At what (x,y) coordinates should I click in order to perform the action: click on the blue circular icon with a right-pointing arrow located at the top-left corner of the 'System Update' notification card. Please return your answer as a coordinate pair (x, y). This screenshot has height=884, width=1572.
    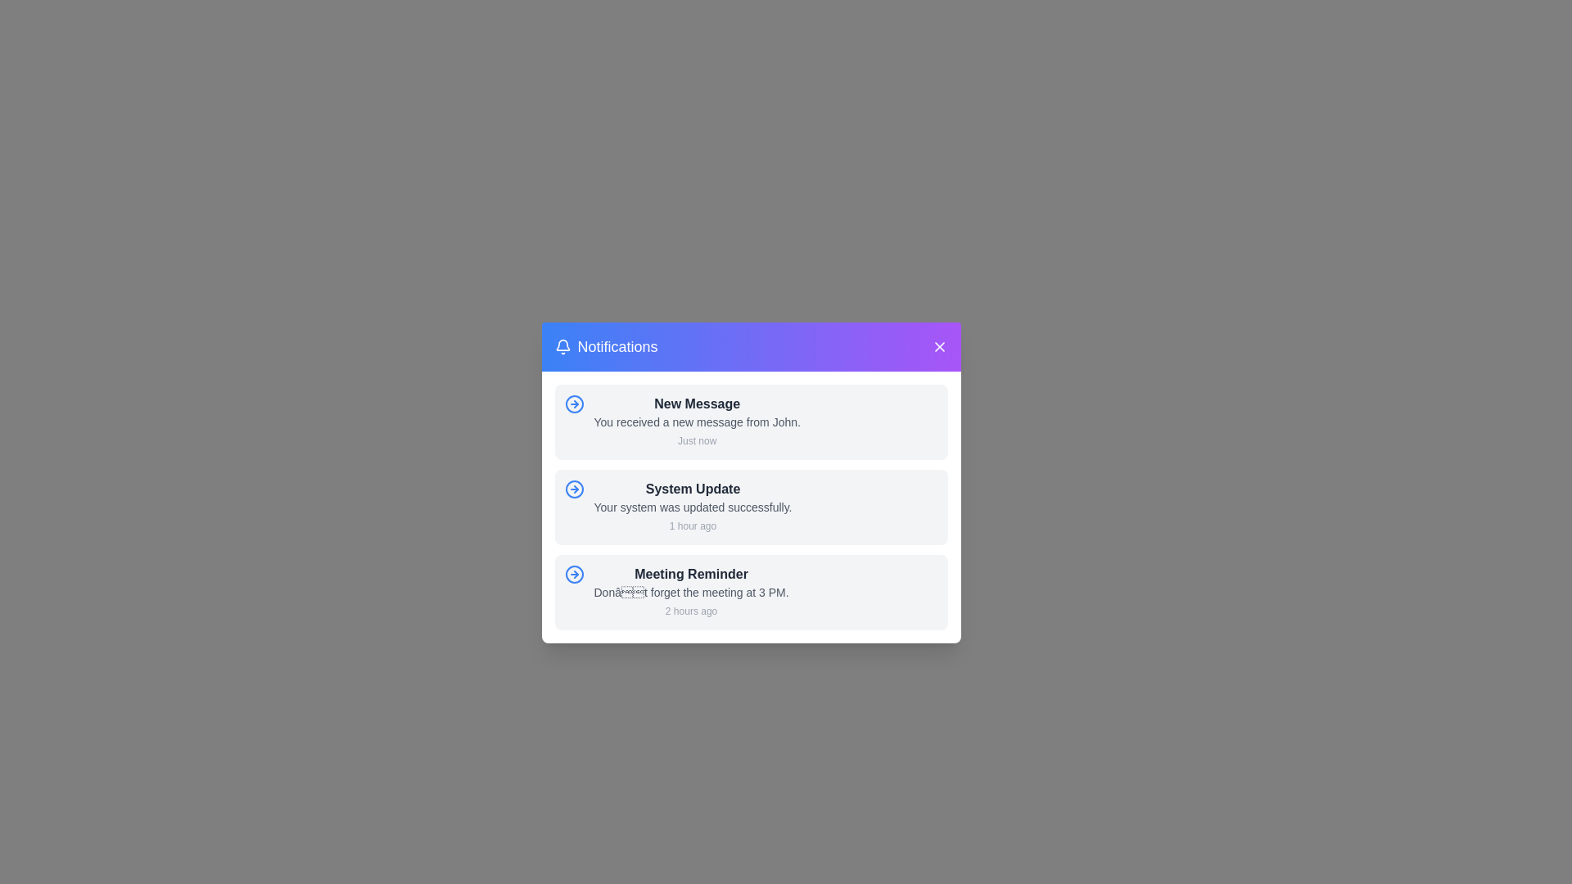
    Looking at the image, I should click on (574, 488).